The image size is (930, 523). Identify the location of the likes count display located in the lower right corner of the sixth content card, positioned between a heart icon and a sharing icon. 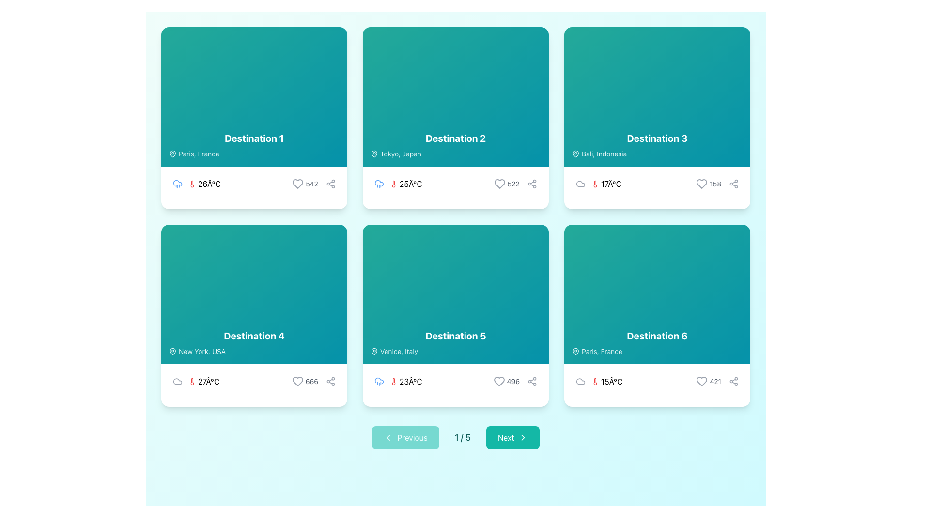
(717, 381).